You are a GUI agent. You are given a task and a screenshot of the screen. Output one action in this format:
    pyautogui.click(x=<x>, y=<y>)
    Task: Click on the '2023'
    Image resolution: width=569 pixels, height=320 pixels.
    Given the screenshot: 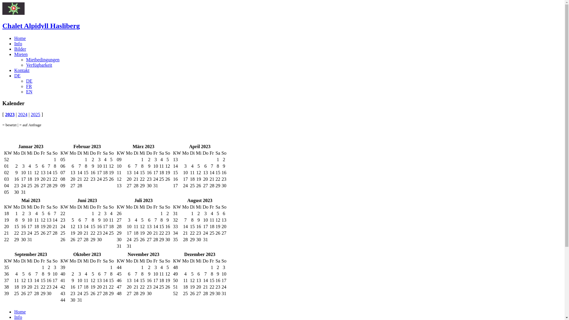 What is the action you would take?
    pyautogui.click(x=10, y=114)
    